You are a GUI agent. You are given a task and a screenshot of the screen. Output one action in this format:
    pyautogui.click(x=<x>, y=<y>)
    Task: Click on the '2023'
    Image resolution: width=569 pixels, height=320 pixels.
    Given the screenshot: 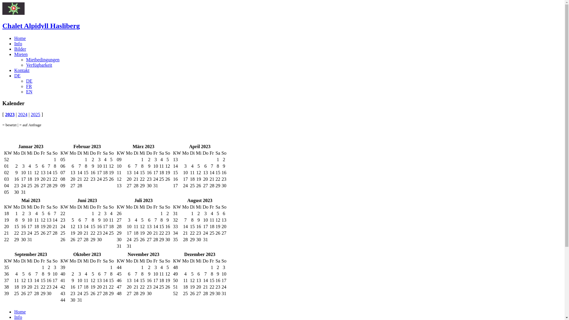 What is the action you would take?
    pyautogui.click(x=10, y=114)
    